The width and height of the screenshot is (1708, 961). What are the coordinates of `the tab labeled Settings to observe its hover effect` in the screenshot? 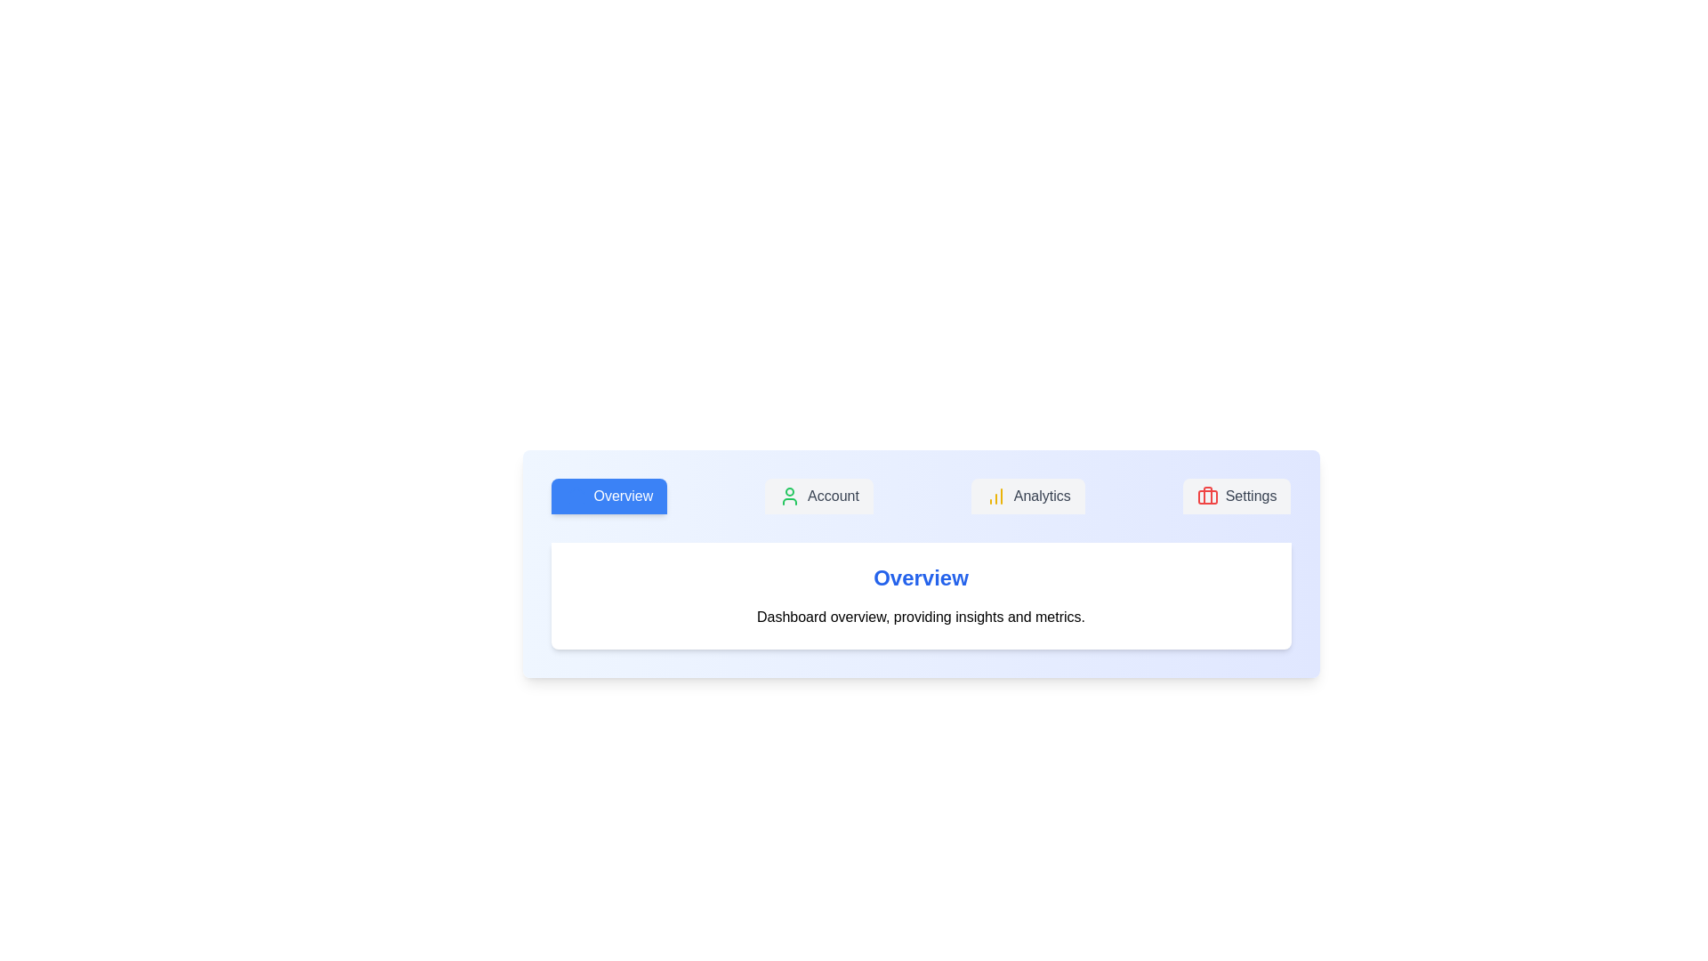 It's located at (1236, 497).